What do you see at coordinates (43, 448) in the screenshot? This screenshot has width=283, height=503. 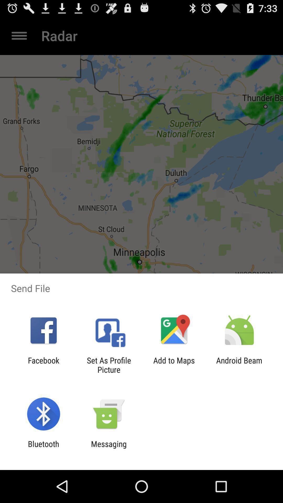 I see `app to the left of messaging app` at bounding box center [43, 448].